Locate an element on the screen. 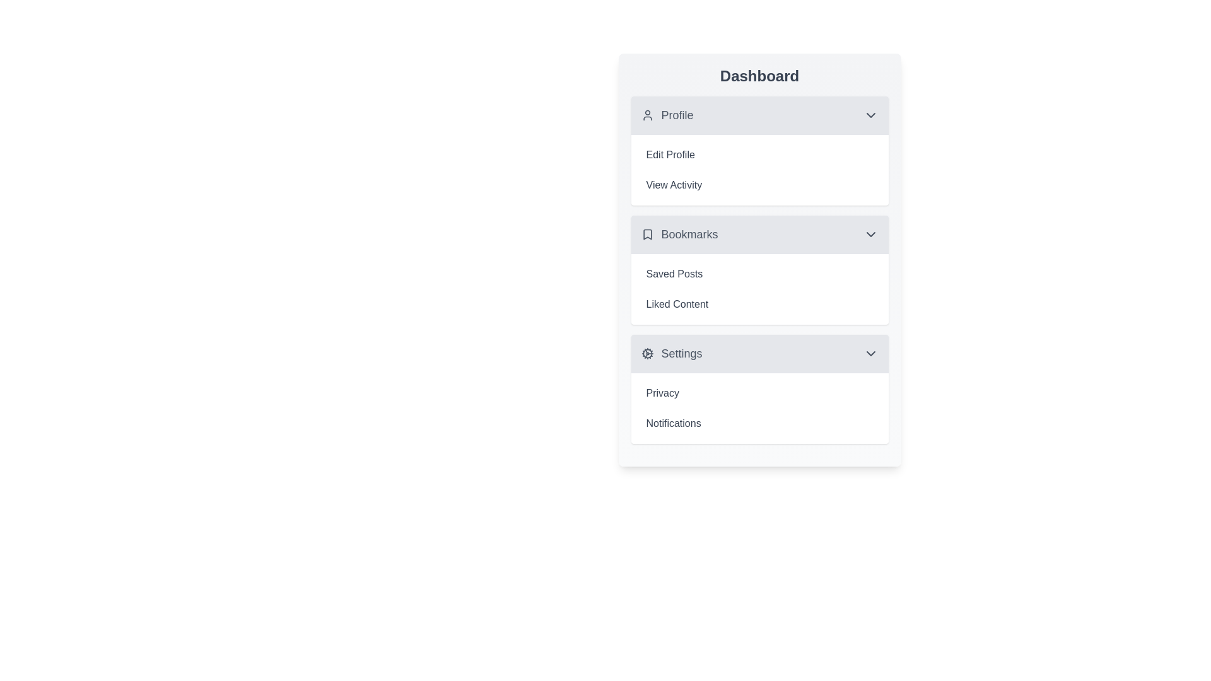 Image resolution: width=1211 pixels, height=681 pixels. the Bookmarks section header is located at coordinates (759, 234).